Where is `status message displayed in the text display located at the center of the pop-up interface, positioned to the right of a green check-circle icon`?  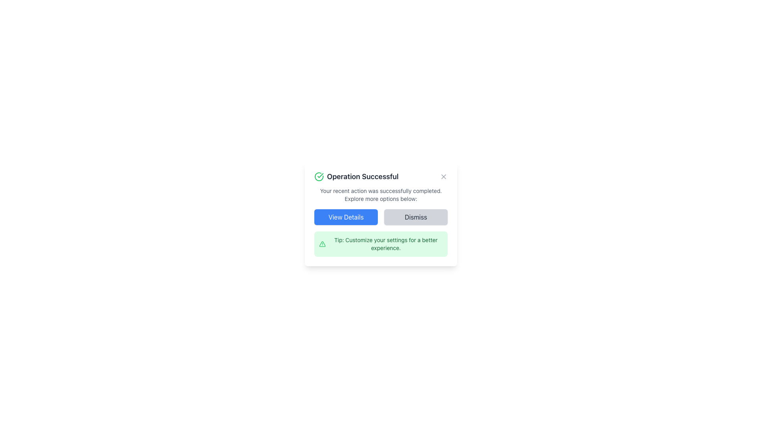 status message displayed in the text display located at the center of the pop-up interface, positioned to the right of a green check-circle icon is located at coordinates (362, 176).